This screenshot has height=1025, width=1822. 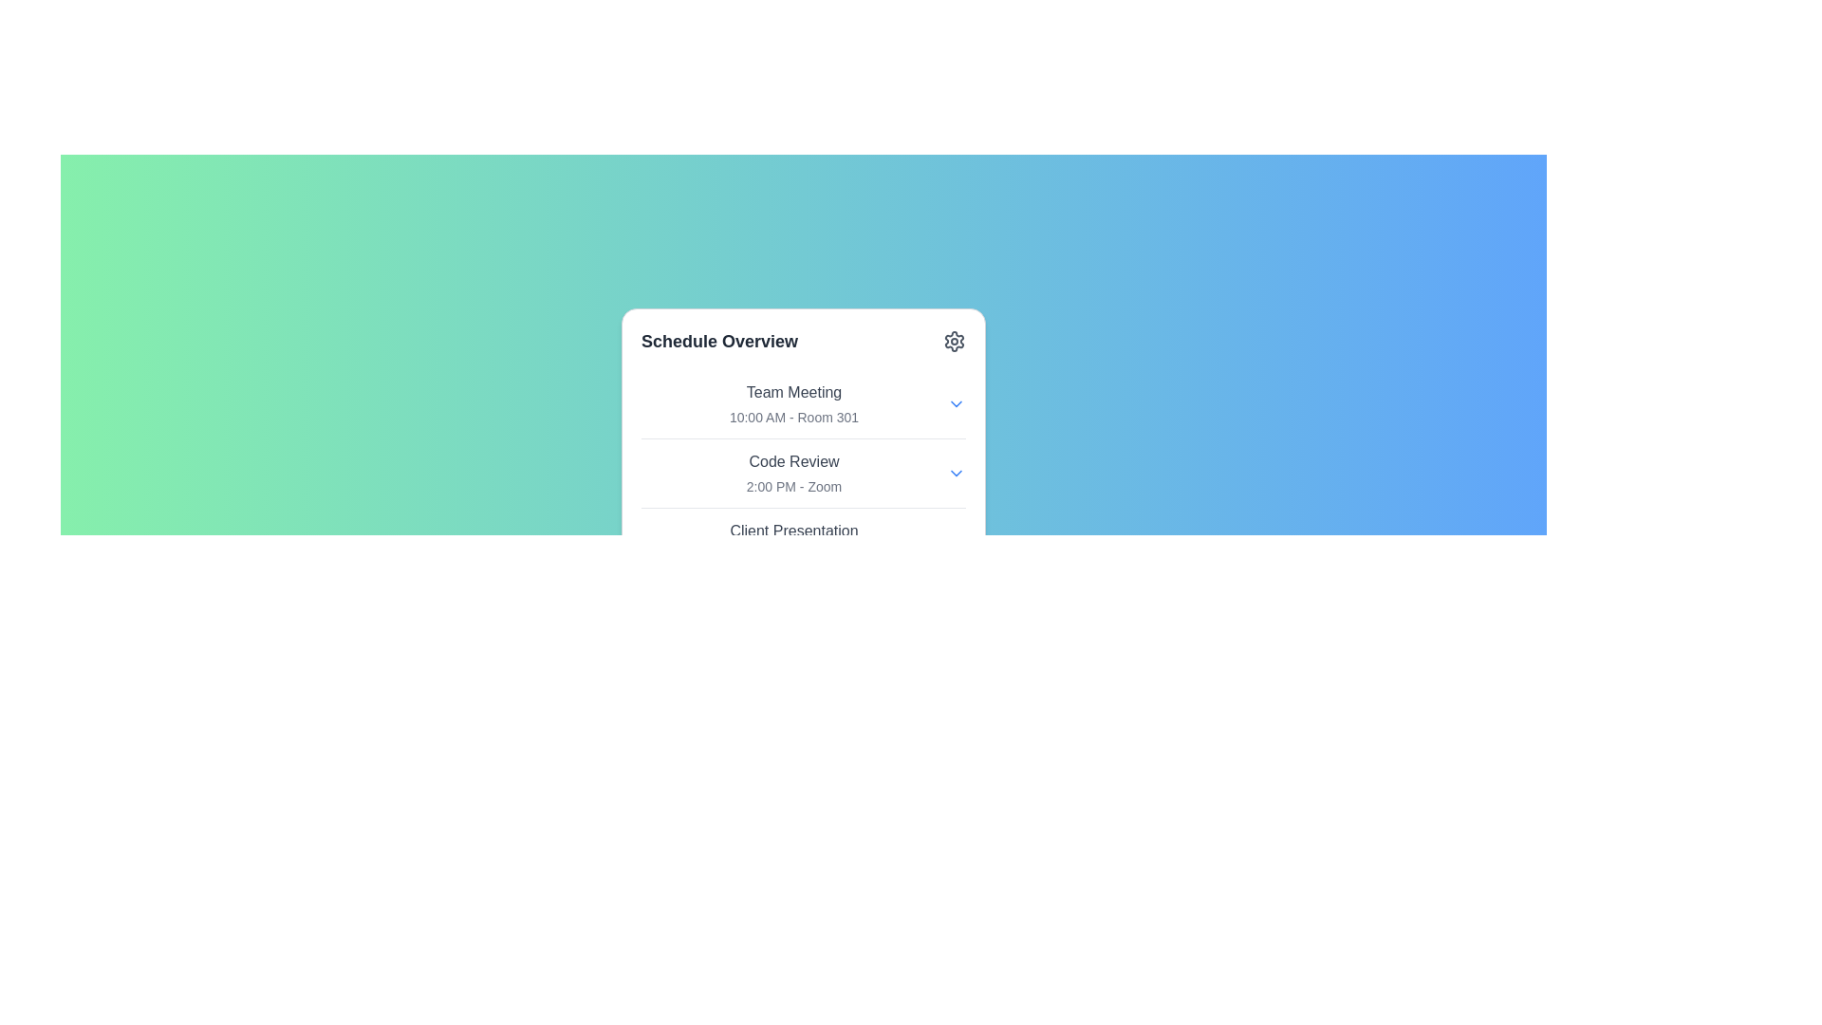 I want to click on the small gear icon indicative of settings options located at the top-right corner of the 'Schedule Overview' box to change its color, so click(x=955, y=340).